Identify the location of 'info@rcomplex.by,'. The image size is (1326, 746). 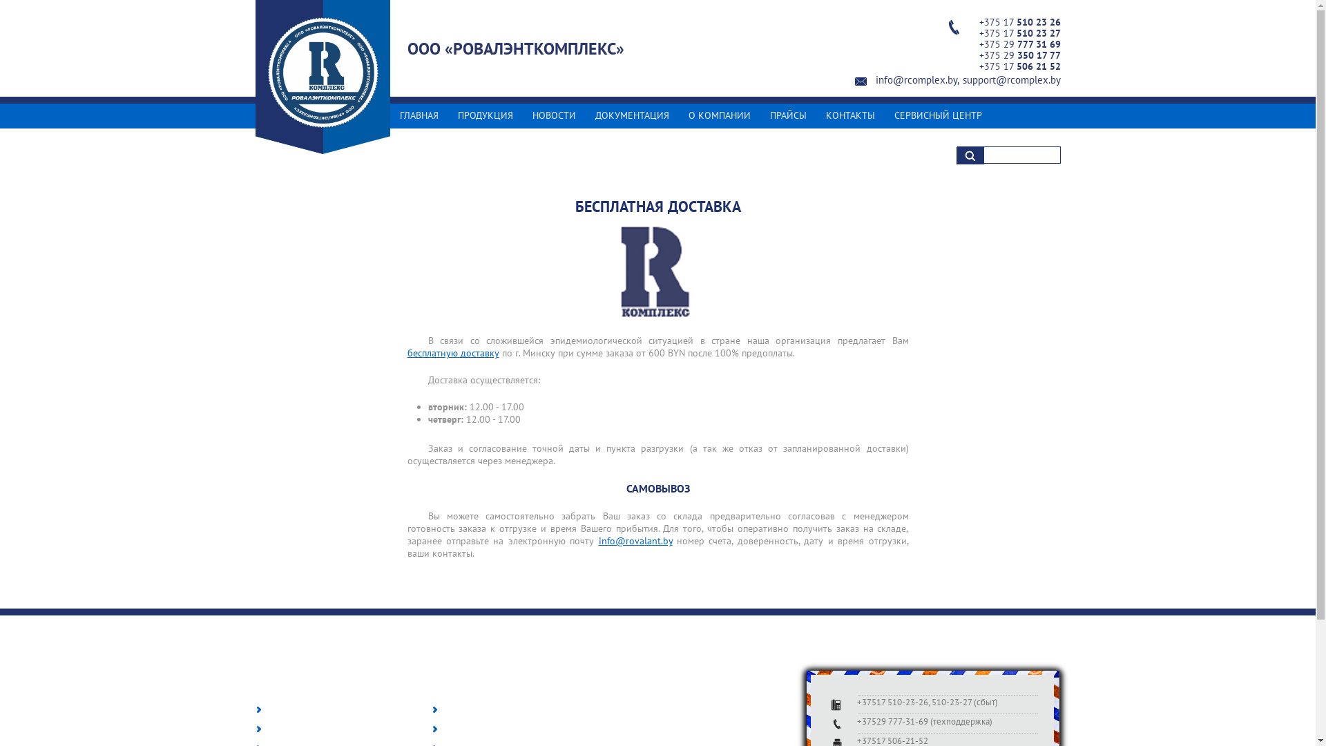
(874, 79).